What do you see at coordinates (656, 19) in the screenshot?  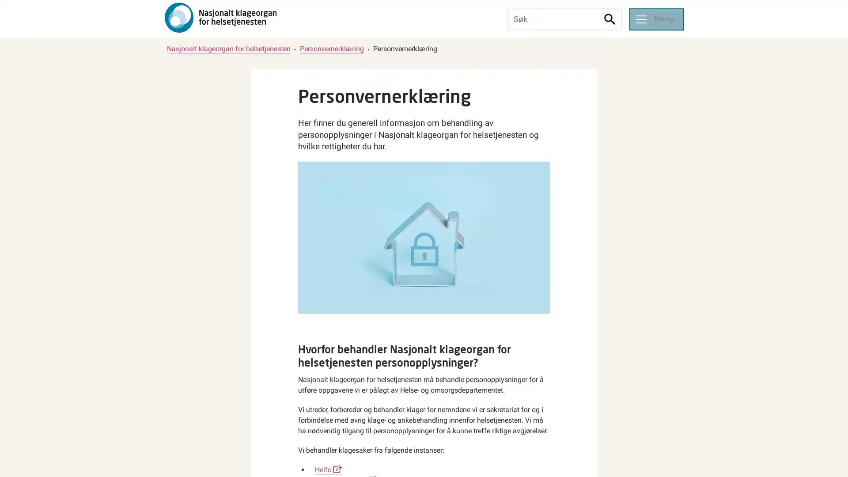 I see `Meny` at bounding box center [656, 19].